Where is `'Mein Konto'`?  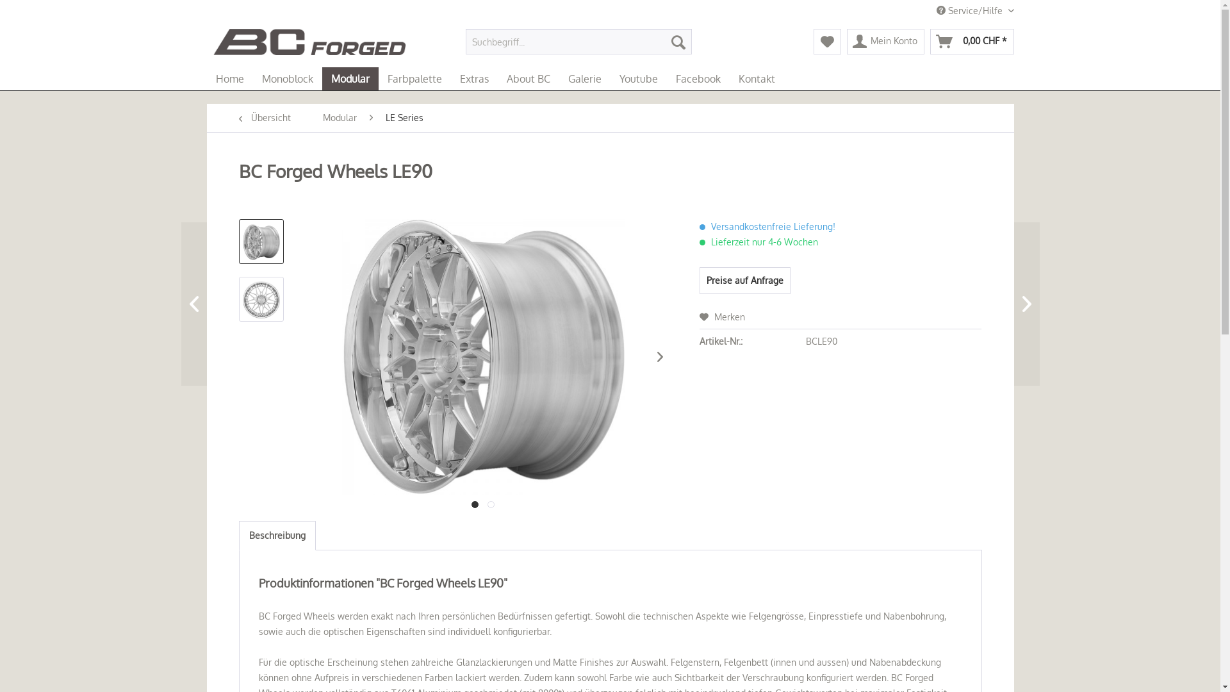 'Mein Konto' is located at coordinates (885, 41).